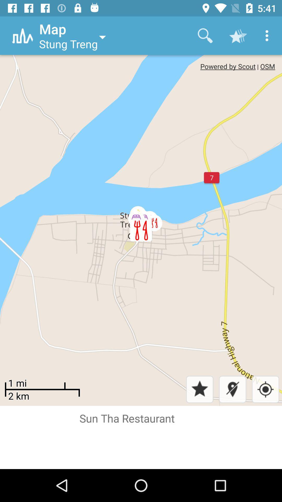 This screenshot has width=282, height=502. What do you see at coordinates (232, 389) in the screenshot?
I see `the location icon` at bounding box center [232, 389].